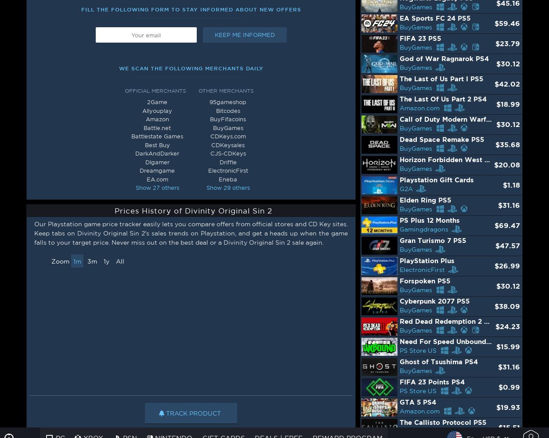 Image resolution: width=549 pixels, height=438 pixels. I want to click on 'How our site works
									?', so click(33, 373).